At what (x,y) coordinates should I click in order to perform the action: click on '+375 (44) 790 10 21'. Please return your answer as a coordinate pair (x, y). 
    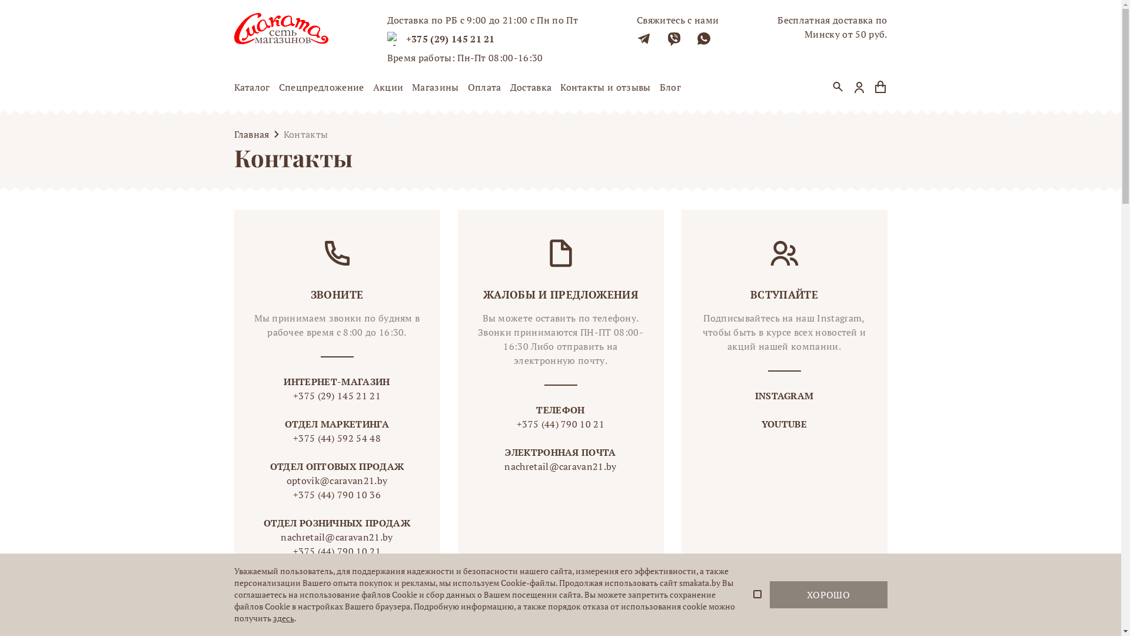
    Looking at the image, I should click on (559, 424).